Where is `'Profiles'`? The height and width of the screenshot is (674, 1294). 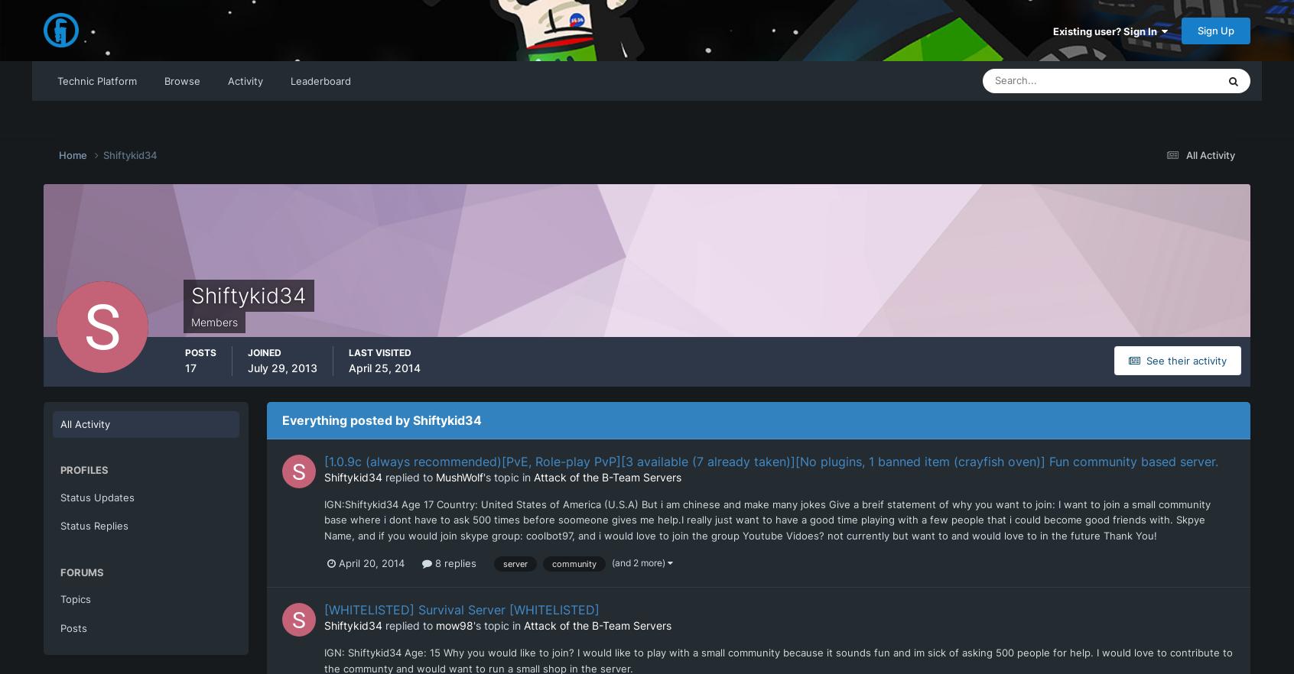
'Profiles' is located at coordinates (84, 469).